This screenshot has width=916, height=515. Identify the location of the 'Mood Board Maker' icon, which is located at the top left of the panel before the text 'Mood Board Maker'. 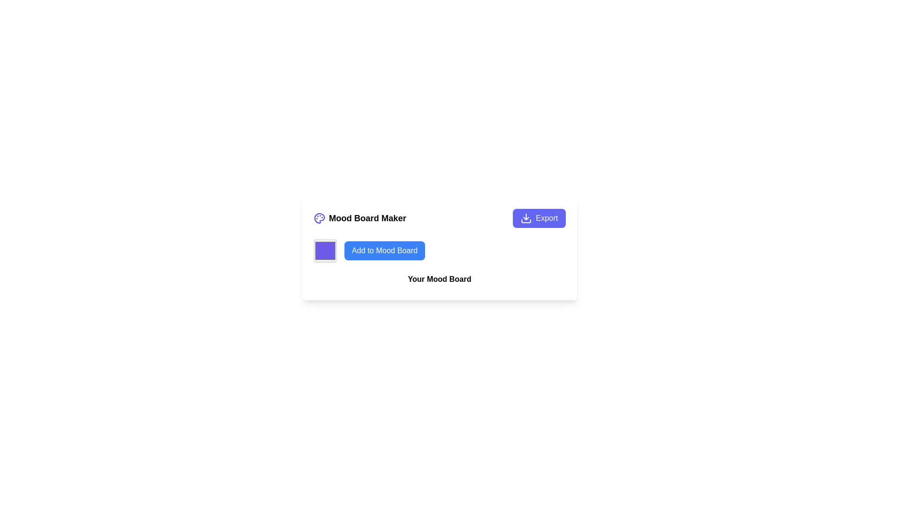
(319, 218).